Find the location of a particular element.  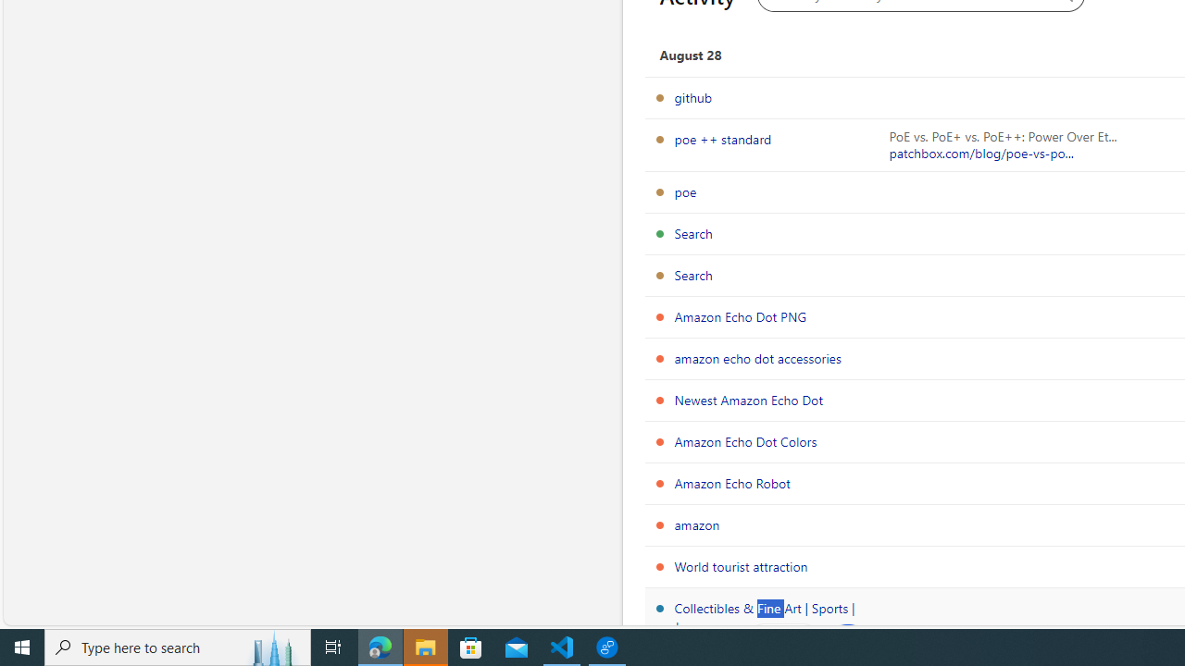

'poe ++ standard' is located at coordinates (722, 138).